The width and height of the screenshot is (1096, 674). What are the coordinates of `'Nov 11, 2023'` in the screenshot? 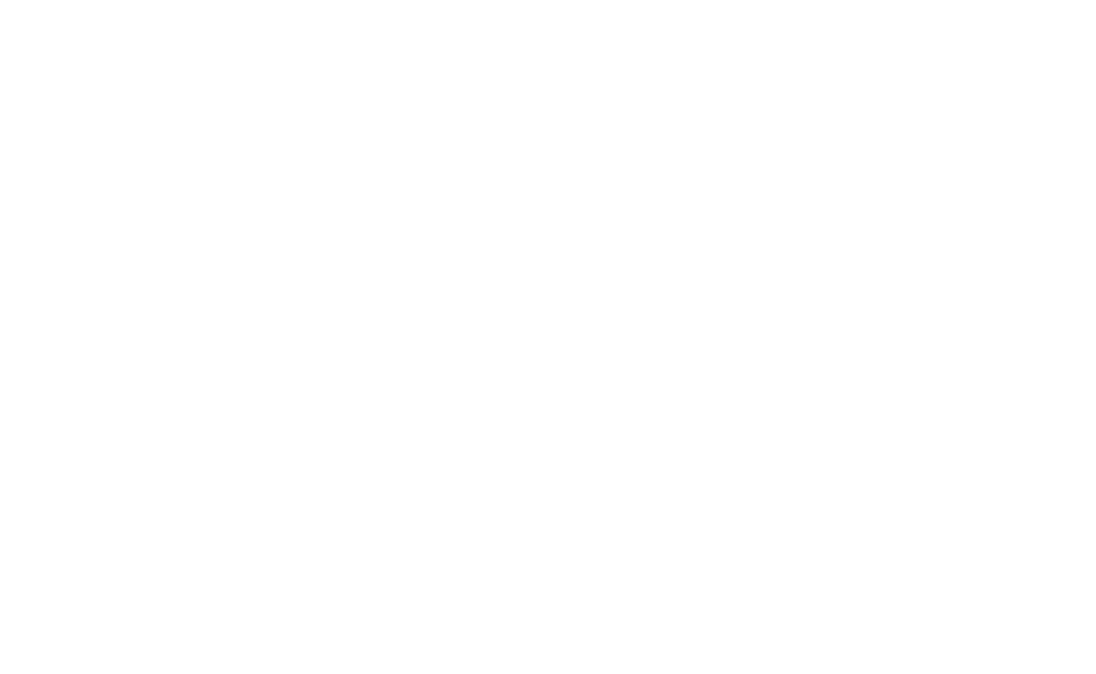 It's located at (179, 529).